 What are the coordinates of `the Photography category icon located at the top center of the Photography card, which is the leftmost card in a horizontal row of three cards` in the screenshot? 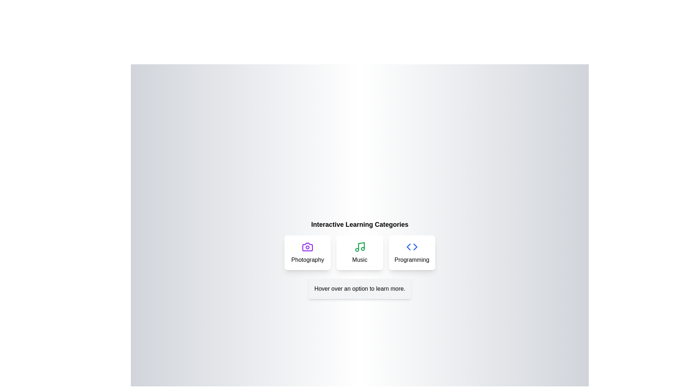 It's located at (308, 246).